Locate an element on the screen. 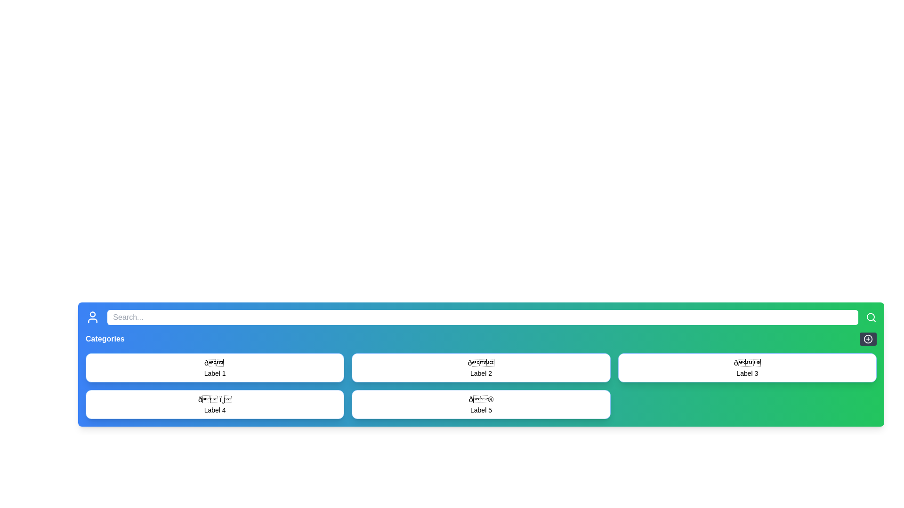 The height and width of the screenshot is (508, 904). the 'Categories' header bar with interactive controls is located at coordinates (481, 339).